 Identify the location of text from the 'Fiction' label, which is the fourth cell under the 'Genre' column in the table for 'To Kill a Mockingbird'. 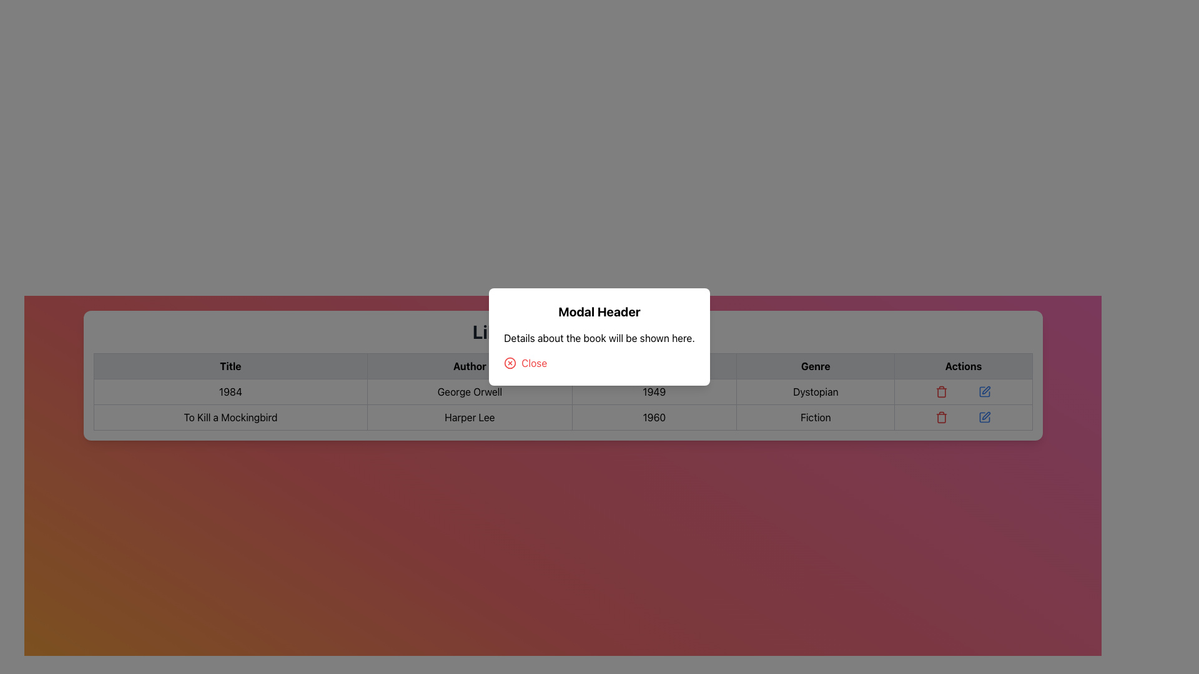
(816, 417).